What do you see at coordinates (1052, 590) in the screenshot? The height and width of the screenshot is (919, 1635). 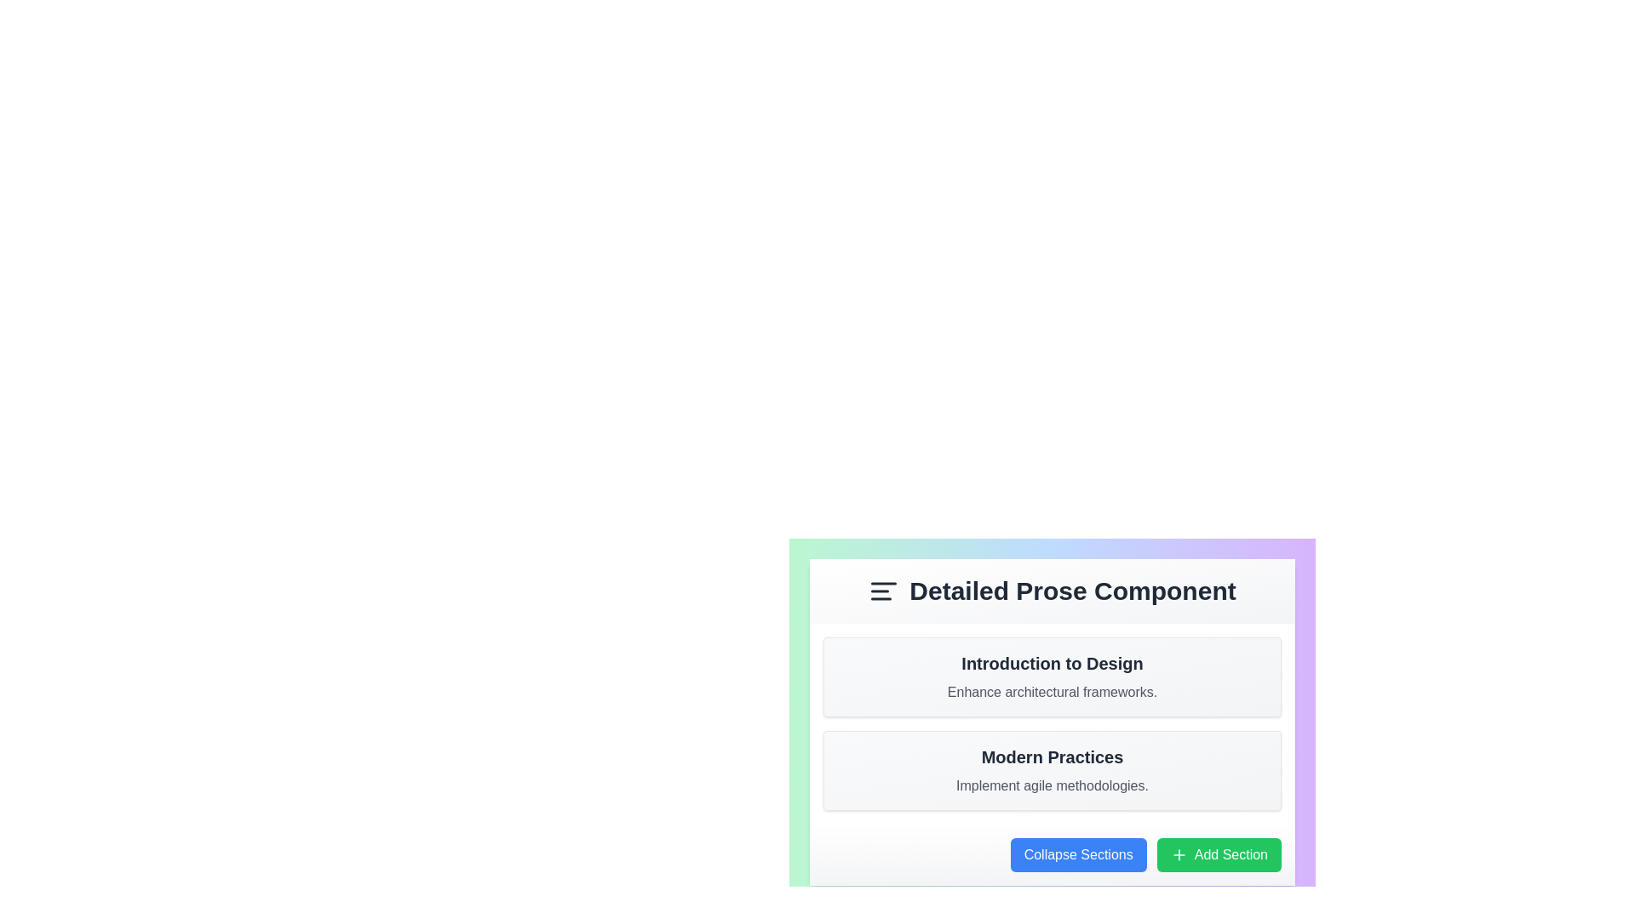 I see `text content of the Header/Title element located at the top center of the content area, which serves as a title or identifier for the subsection items` at bounding box center [1052, 590].